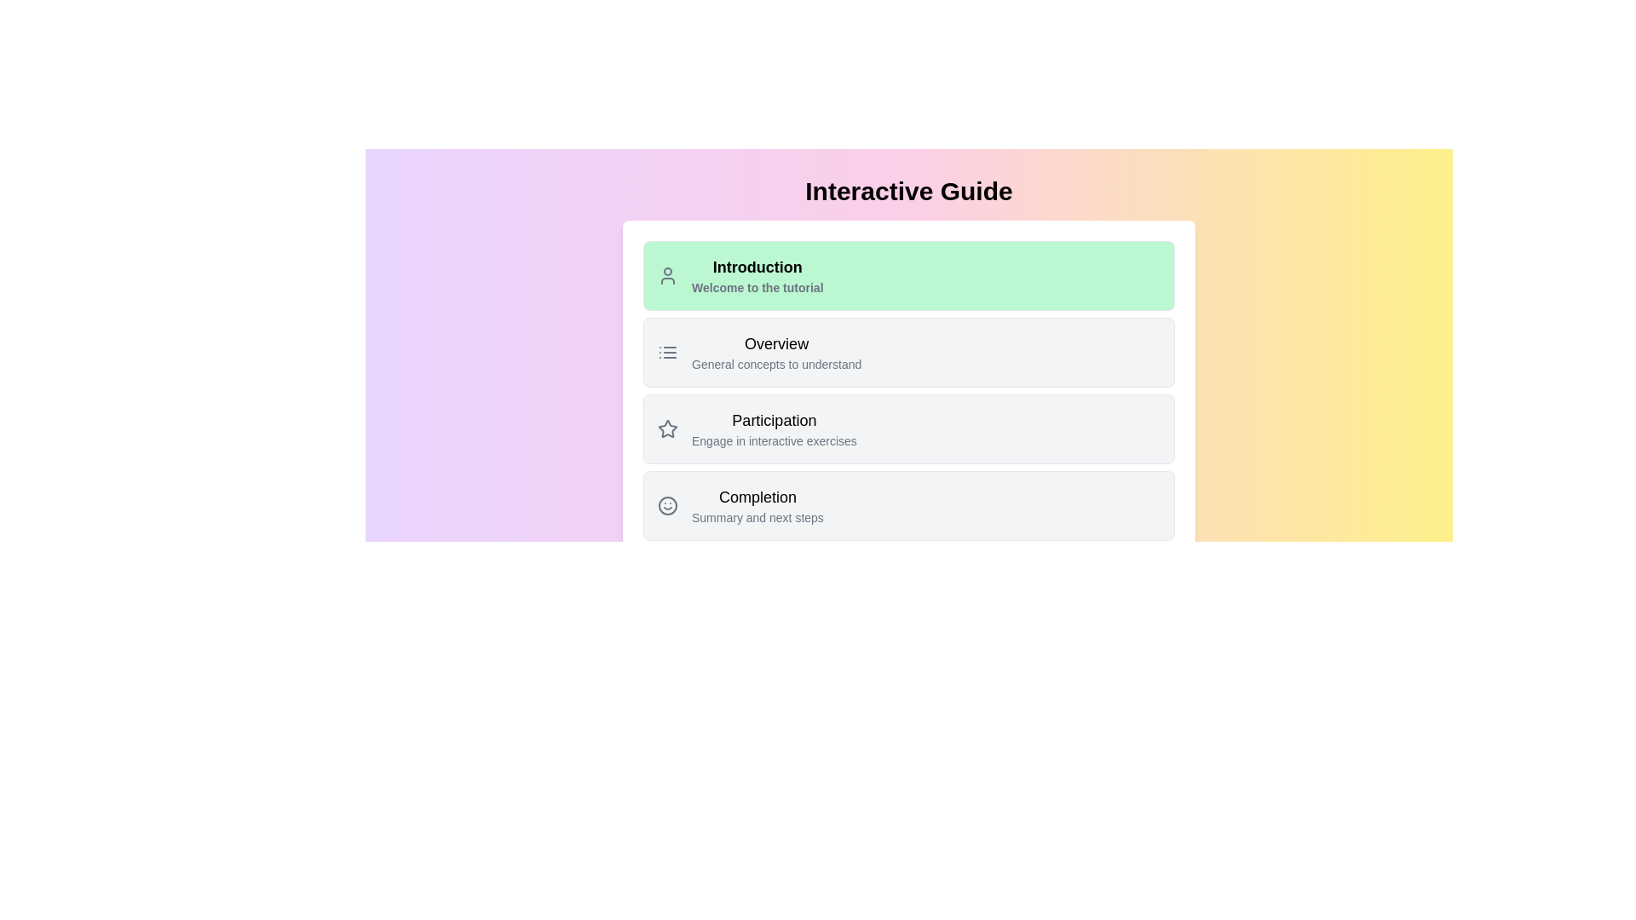  I want to click on the third Card element in the vertical list, so click(907, 394).